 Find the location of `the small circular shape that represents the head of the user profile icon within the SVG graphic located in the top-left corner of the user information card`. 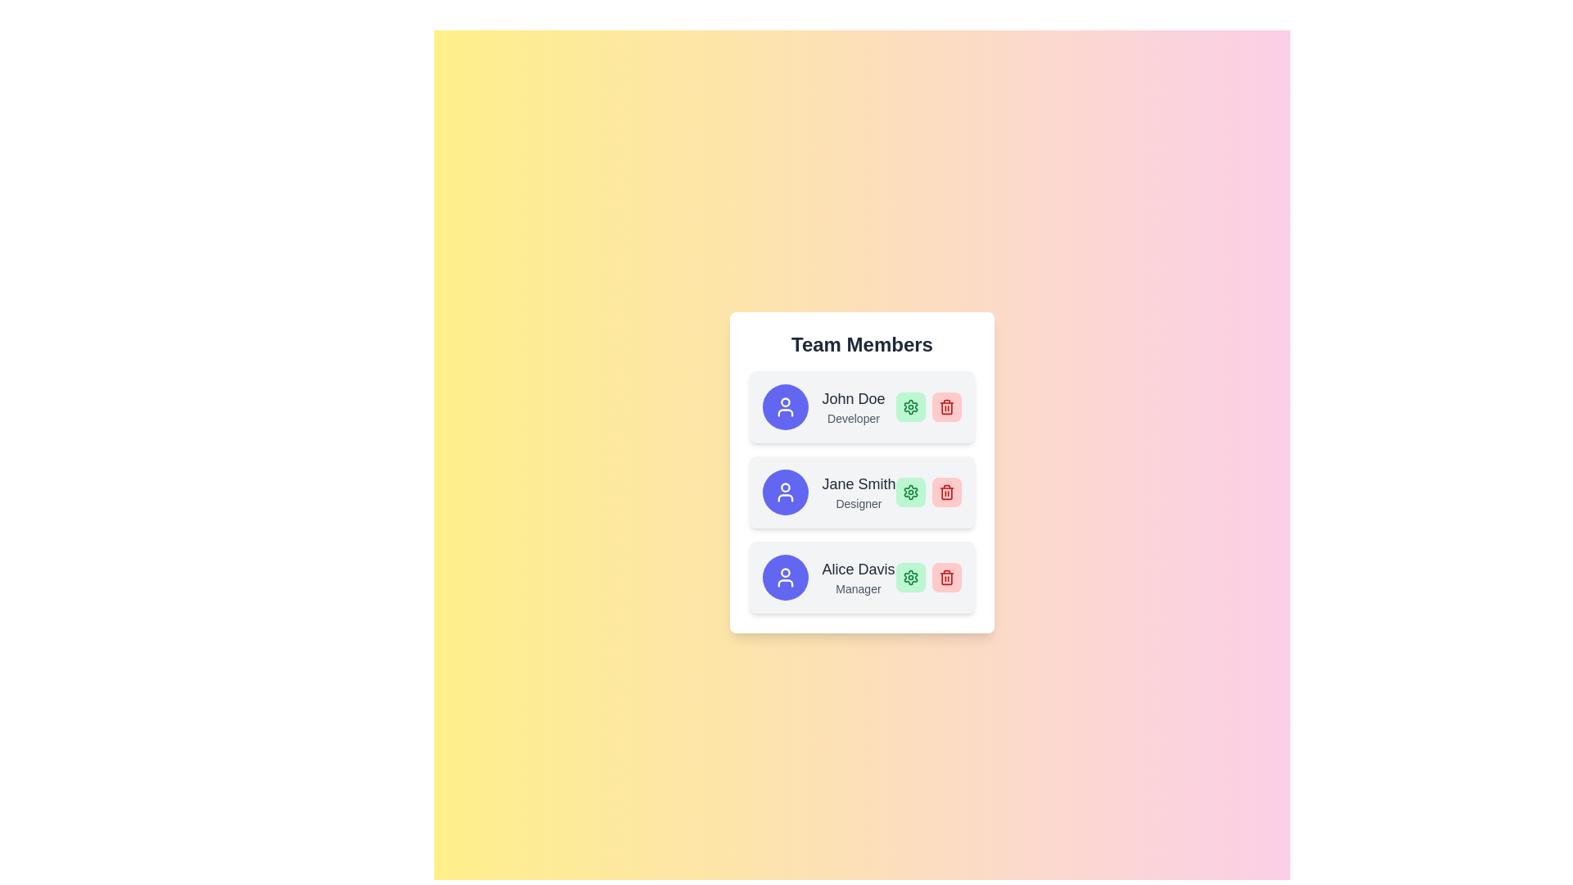

the small circular shape that represents the head of the user profile icon within the SVG graphic located in the top-left corner of the user information card is located at coordinates (785, 487).